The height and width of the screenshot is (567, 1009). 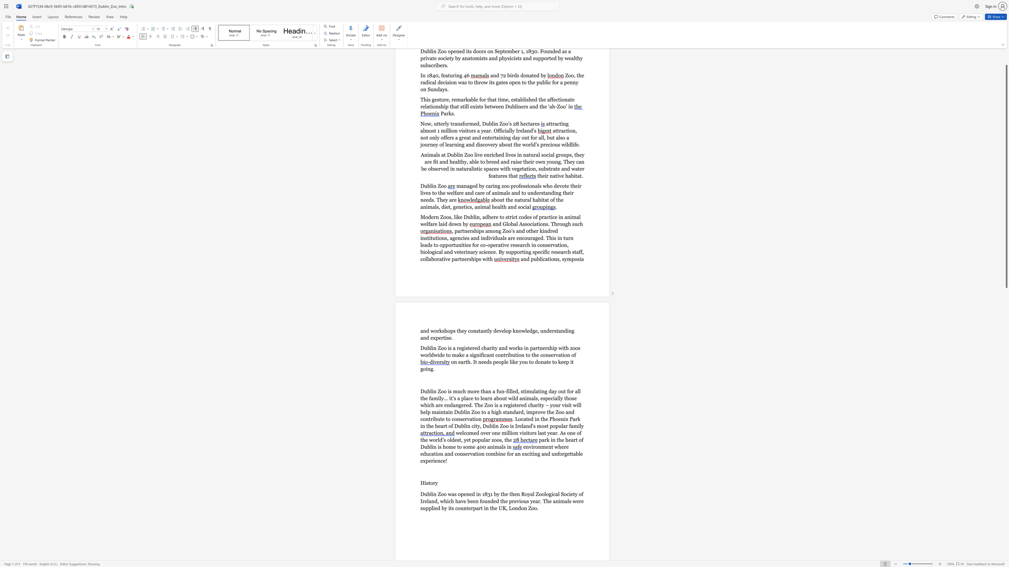 What do you see at coordinates (500, 207) in the screenshot?
I see `the subset text "lth a" within the text ", genetics, animal health and social"` at bounding box center [500, 207].